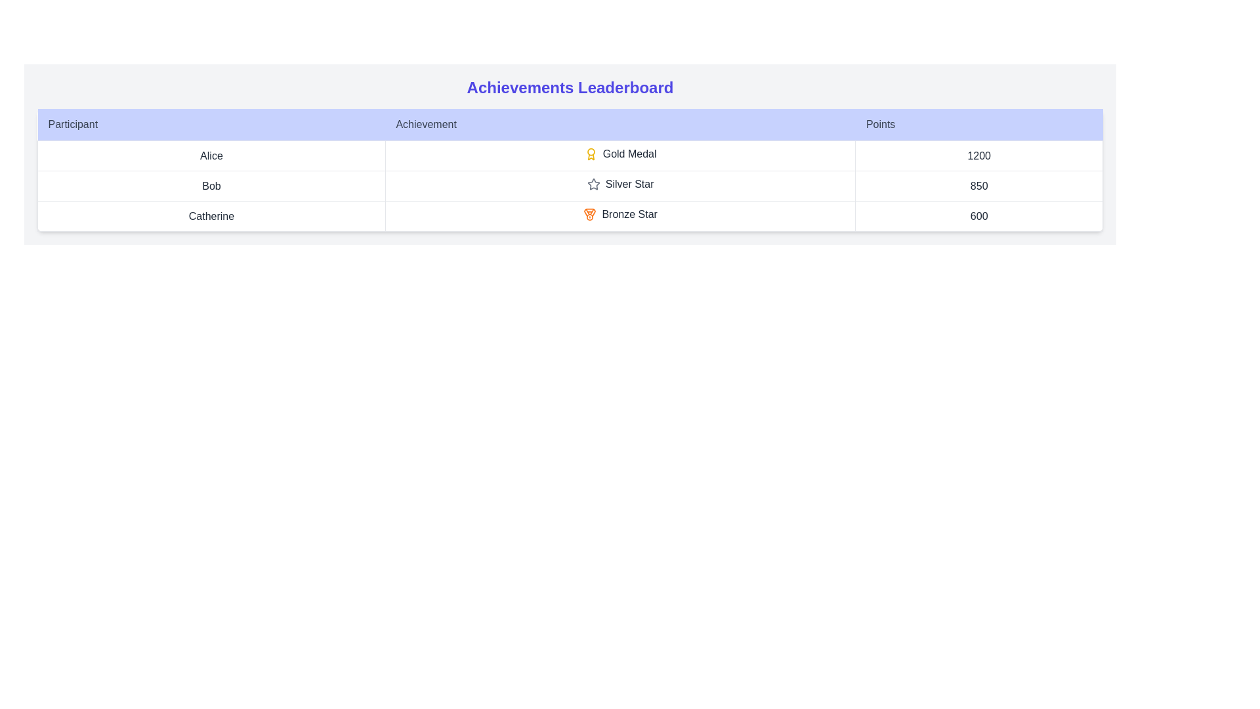  What do you see at coordinates (619, 214) in the screenshot?
I see `the 'Bronze Star' label with the medal icon located in the third row of the 'Achievements Leaderboard' table, next to 'Catherine' under 'Participant'` at bounding box center [619, 214].